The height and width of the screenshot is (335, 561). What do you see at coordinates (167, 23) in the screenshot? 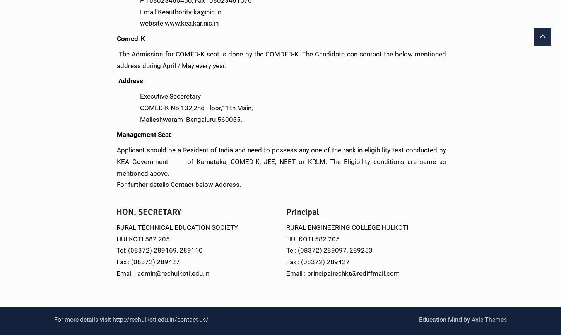
I see `'website:www.kea.kar.nic.in'` at bounding box center [167, 23].